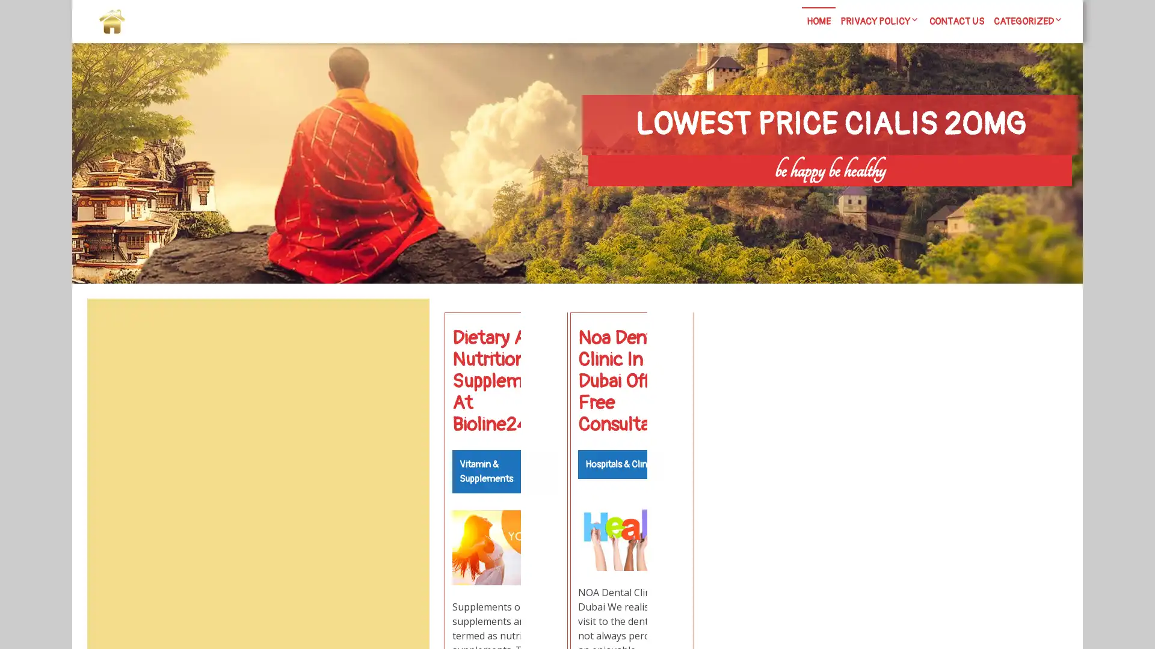  What do you see at coordinates (401, 328) in the screenshot?
I see `Search` at bounding box center [401, 328].